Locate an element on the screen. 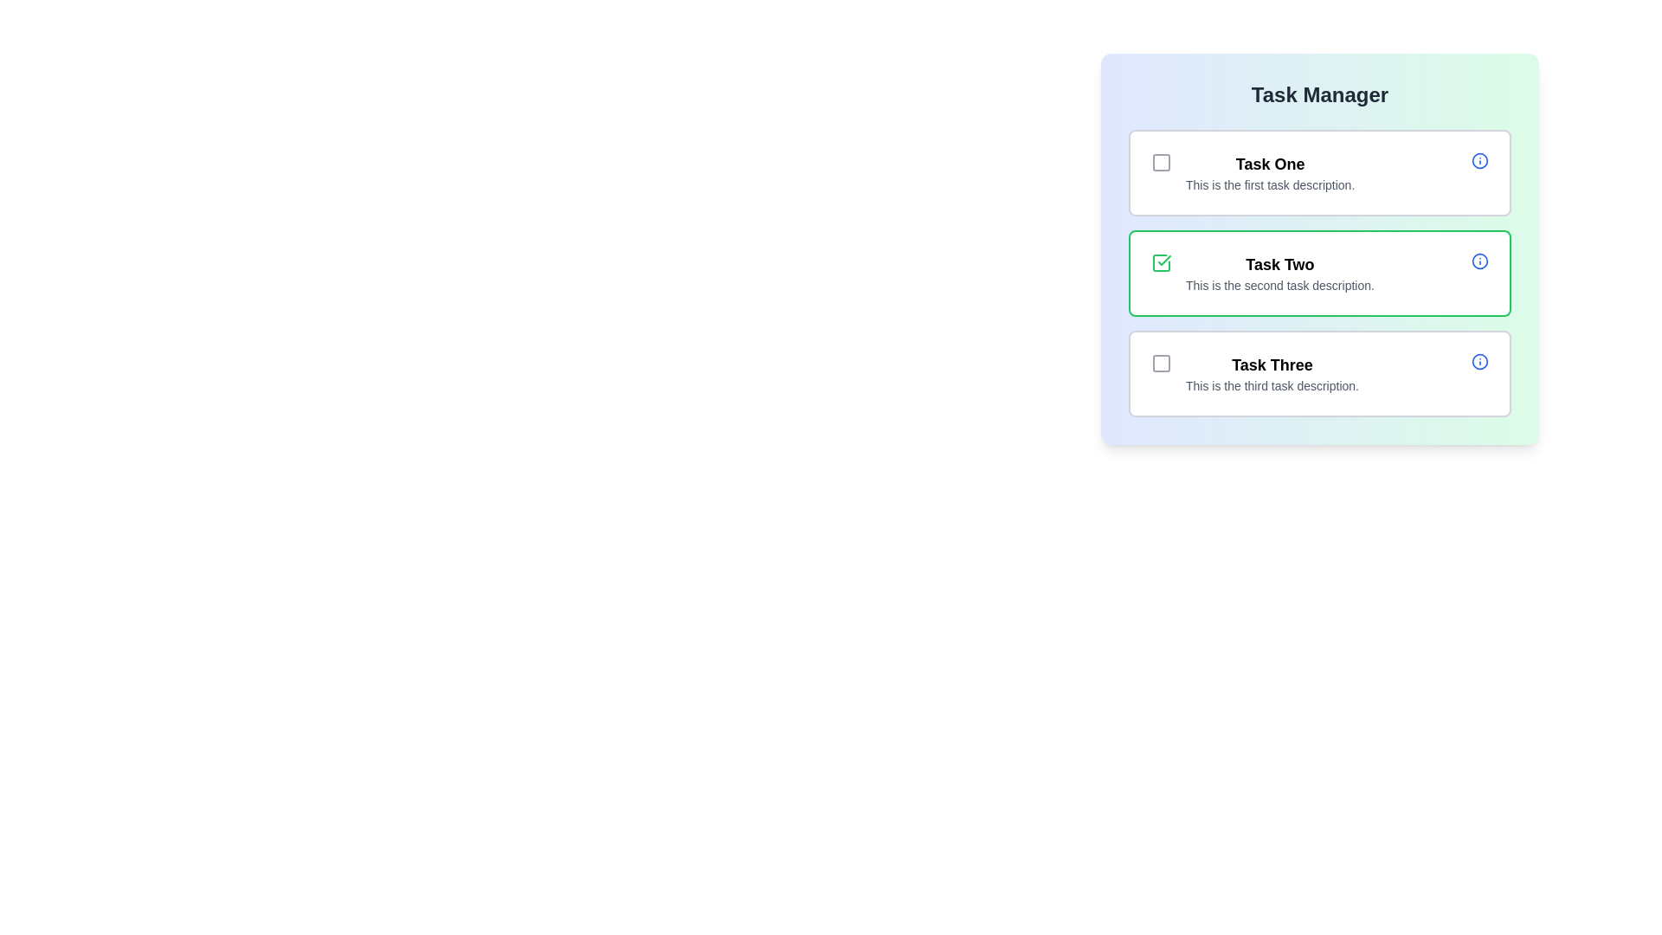  the bold text label displaying 'Task One', which is positioned beneath the checkbox and above the task description is located at coordinates (1270, 164).